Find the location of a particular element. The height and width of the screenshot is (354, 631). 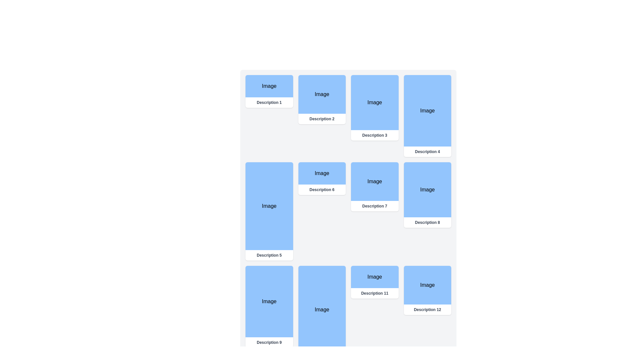

the light blue rectangular image placeholder labeled 'Image' that is located in the second row, third column of the card labeled 'Description 6' is located at coordinates (322, 173).